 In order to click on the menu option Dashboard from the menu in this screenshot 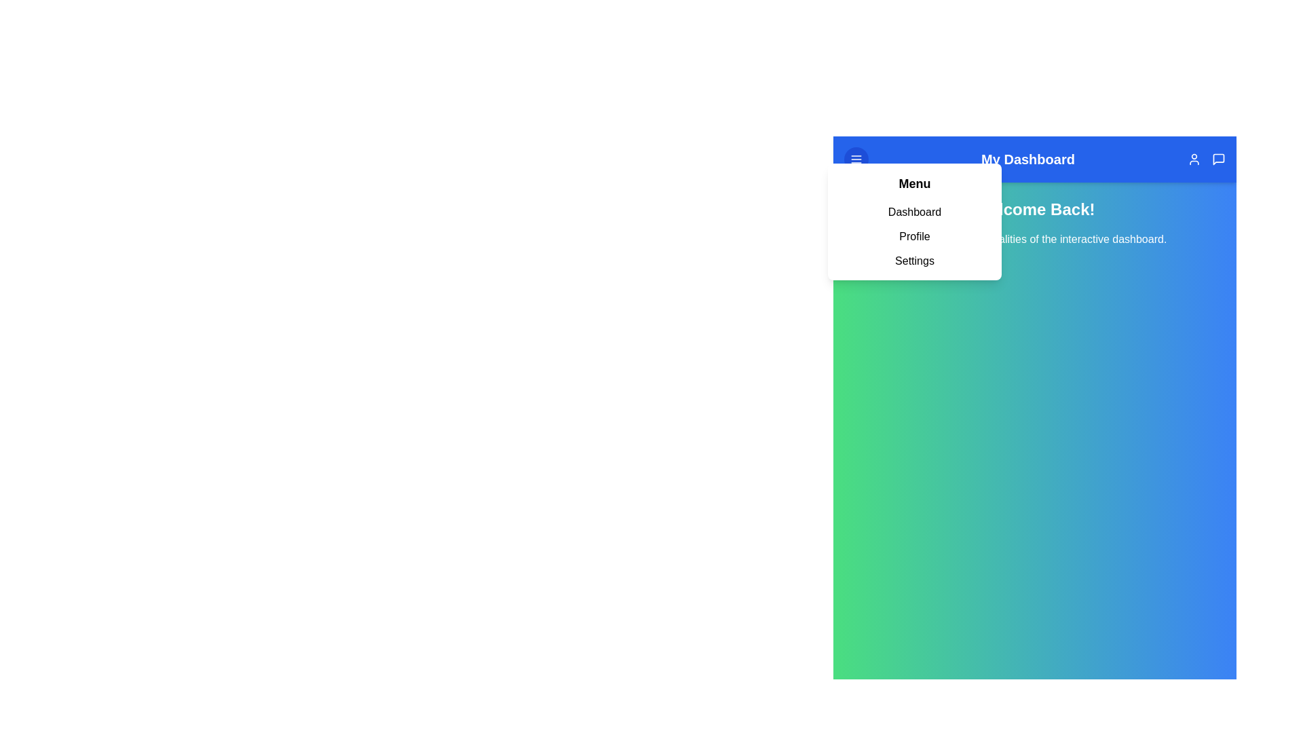, I will do `click(915, 212)`.